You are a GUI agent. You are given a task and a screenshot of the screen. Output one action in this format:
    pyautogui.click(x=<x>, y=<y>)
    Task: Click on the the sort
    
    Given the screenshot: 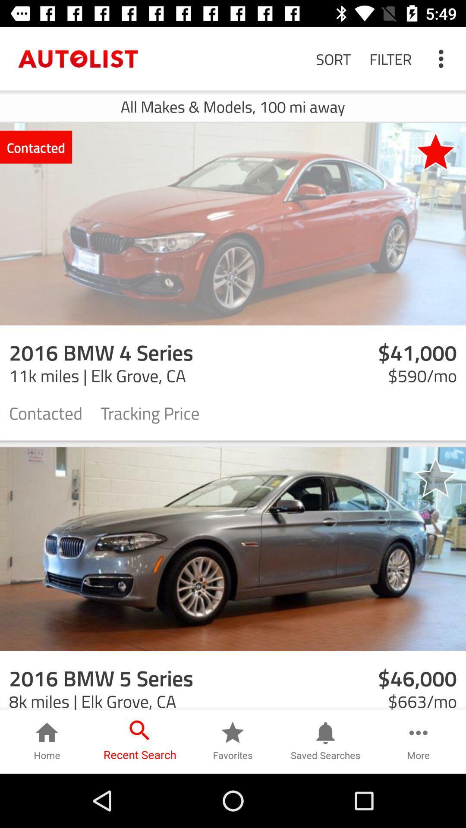 What is the action you would take?
    pyautogui.click(x=333, y=58)
    